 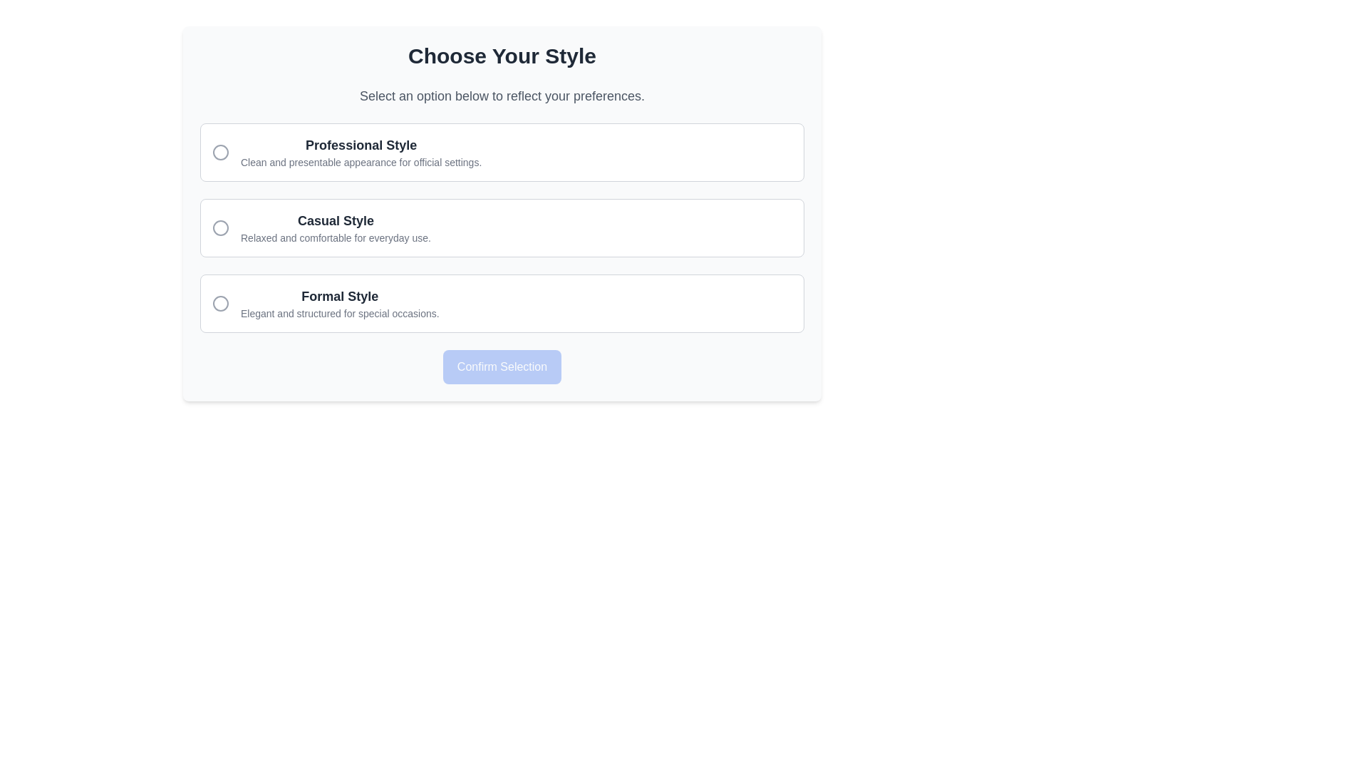 I want to click on the Text Label displaying 'Casual Style', which is styled in bold, large dark gray font and located in the middle option card of the interface, so click(x=335, y=220).